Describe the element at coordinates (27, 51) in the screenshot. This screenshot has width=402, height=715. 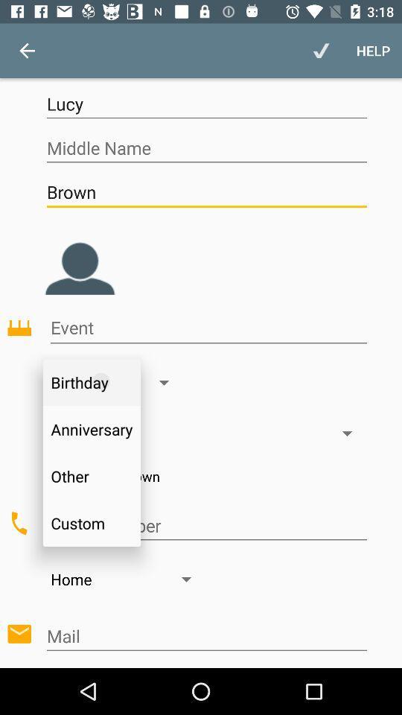
I see `icon above lucy item` at that location.